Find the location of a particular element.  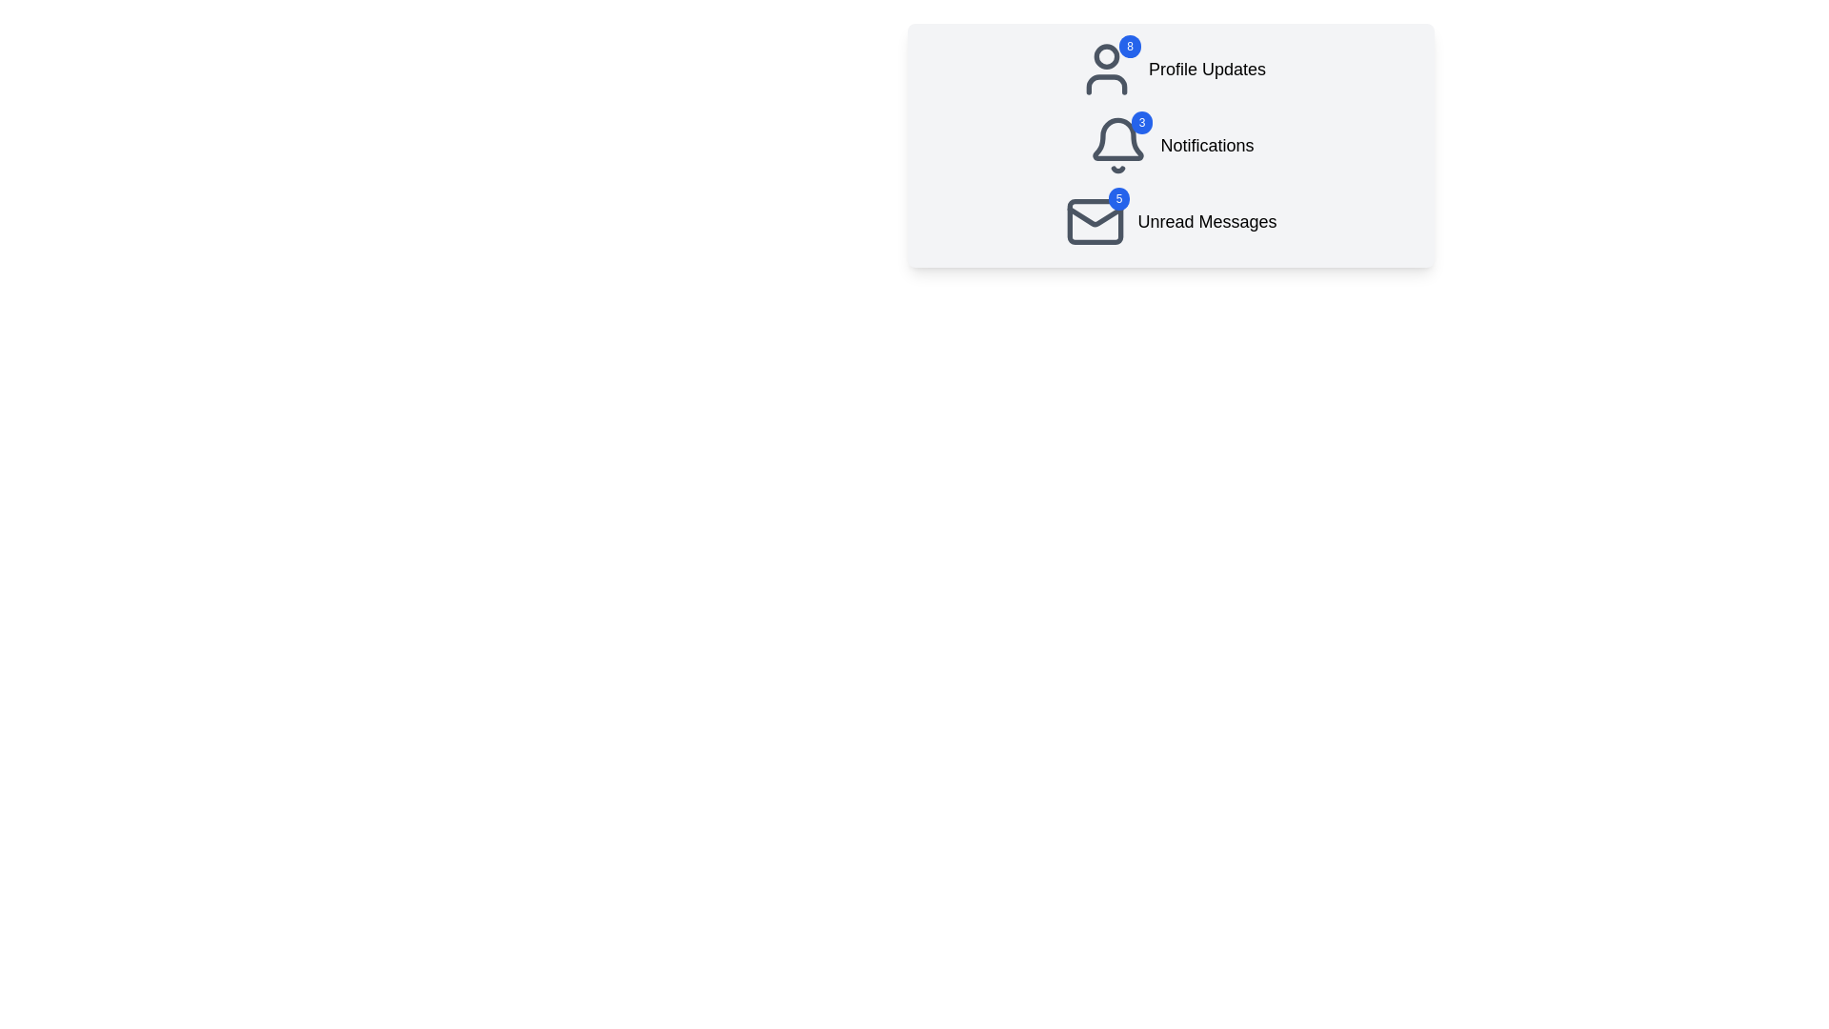

the Notification Badge located at the top-right corner of the user icon, which indicates the number of updates or alerts associated with the profile is located at coordinates (1106, 69).